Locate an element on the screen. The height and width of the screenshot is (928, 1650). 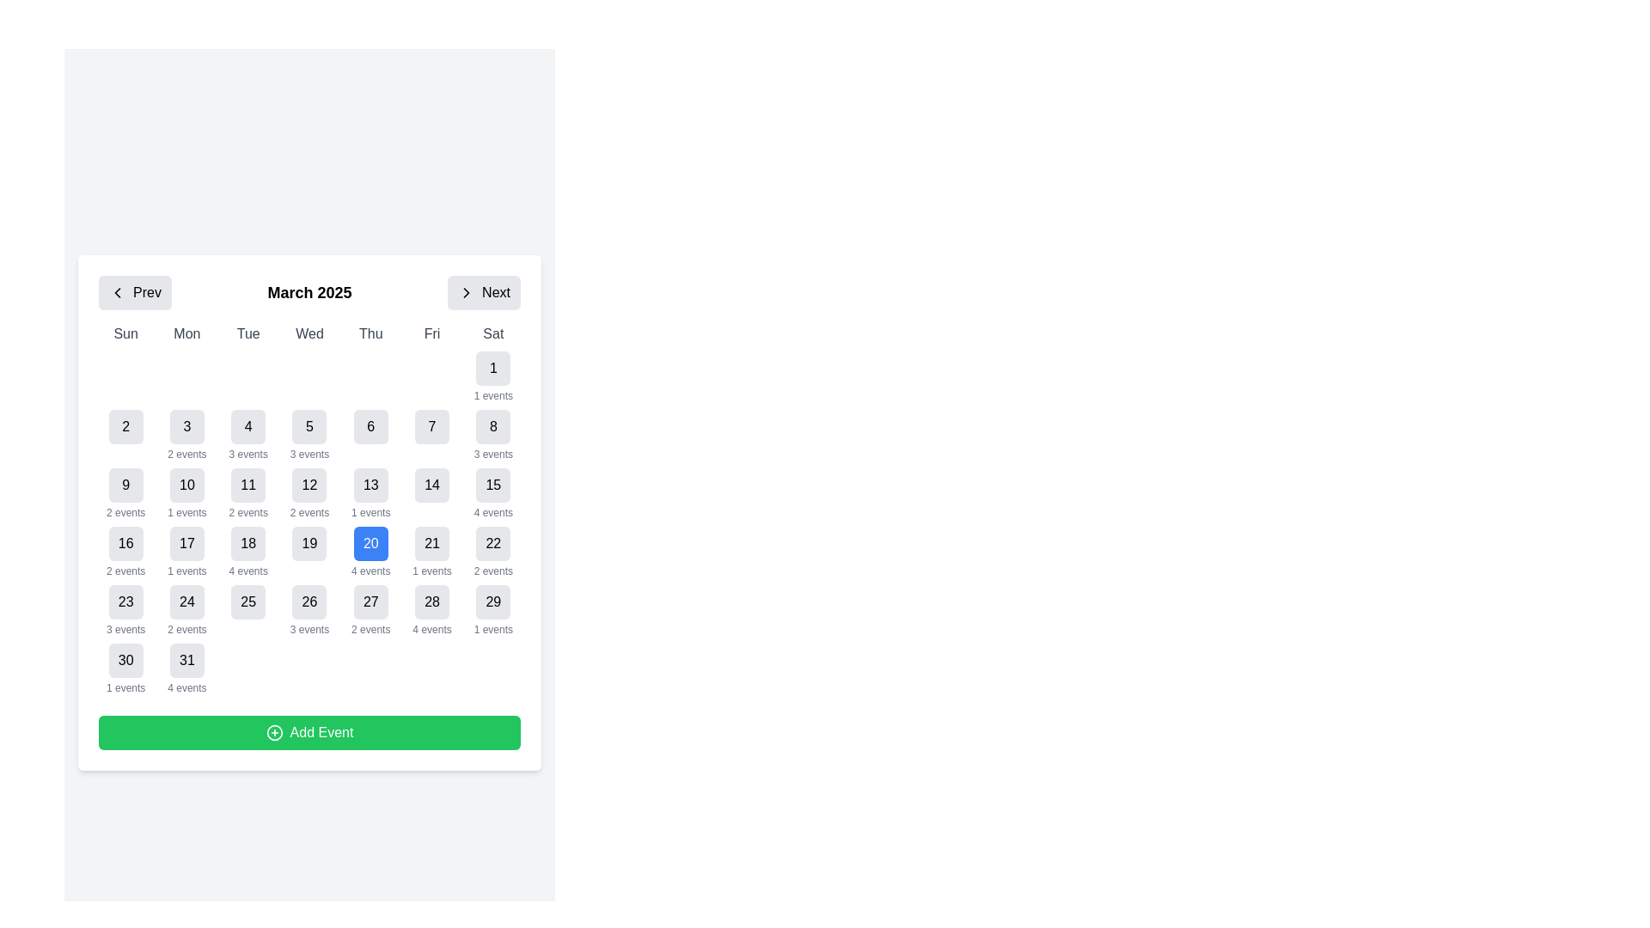
the calendar date button labeled '23', which is a rounded square light gray button that changes is located at coordinates (125, 601).